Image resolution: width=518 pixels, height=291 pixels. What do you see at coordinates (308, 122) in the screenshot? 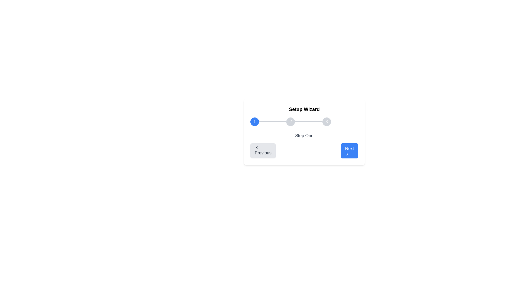
I see `the horizontal light gray divider that connects the second and third step indicators in the Setup Wizard interface` at bounding box center [308, 122].